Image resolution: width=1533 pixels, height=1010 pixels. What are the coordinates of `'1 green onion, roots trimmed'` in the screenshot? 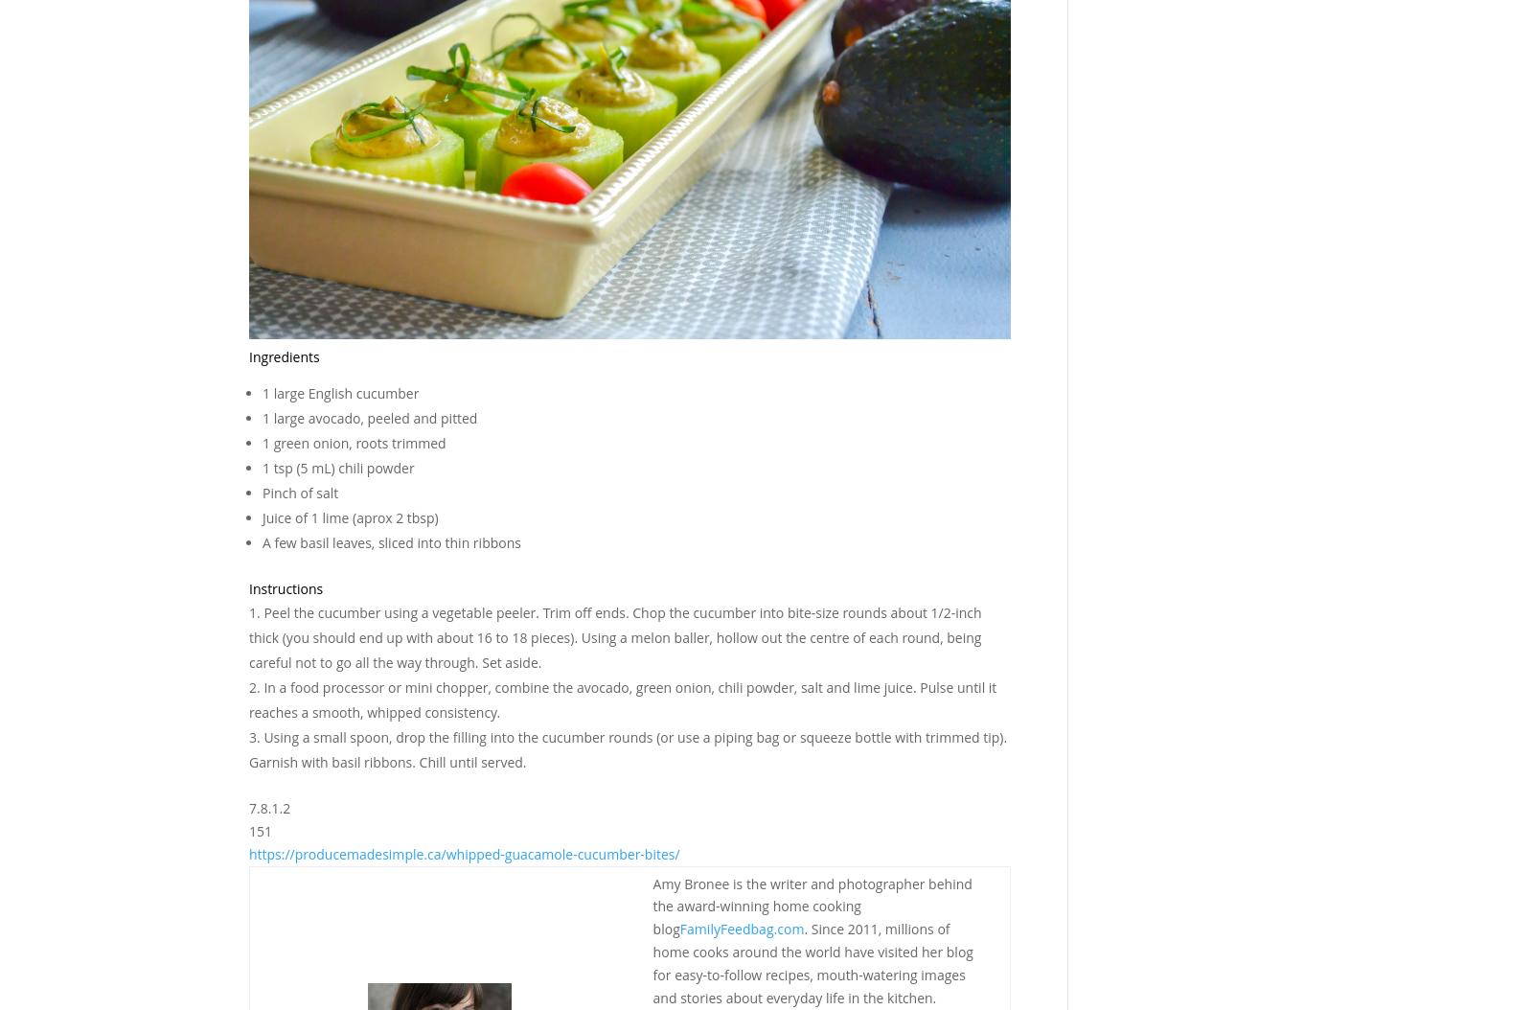 It's located at (354, 443).